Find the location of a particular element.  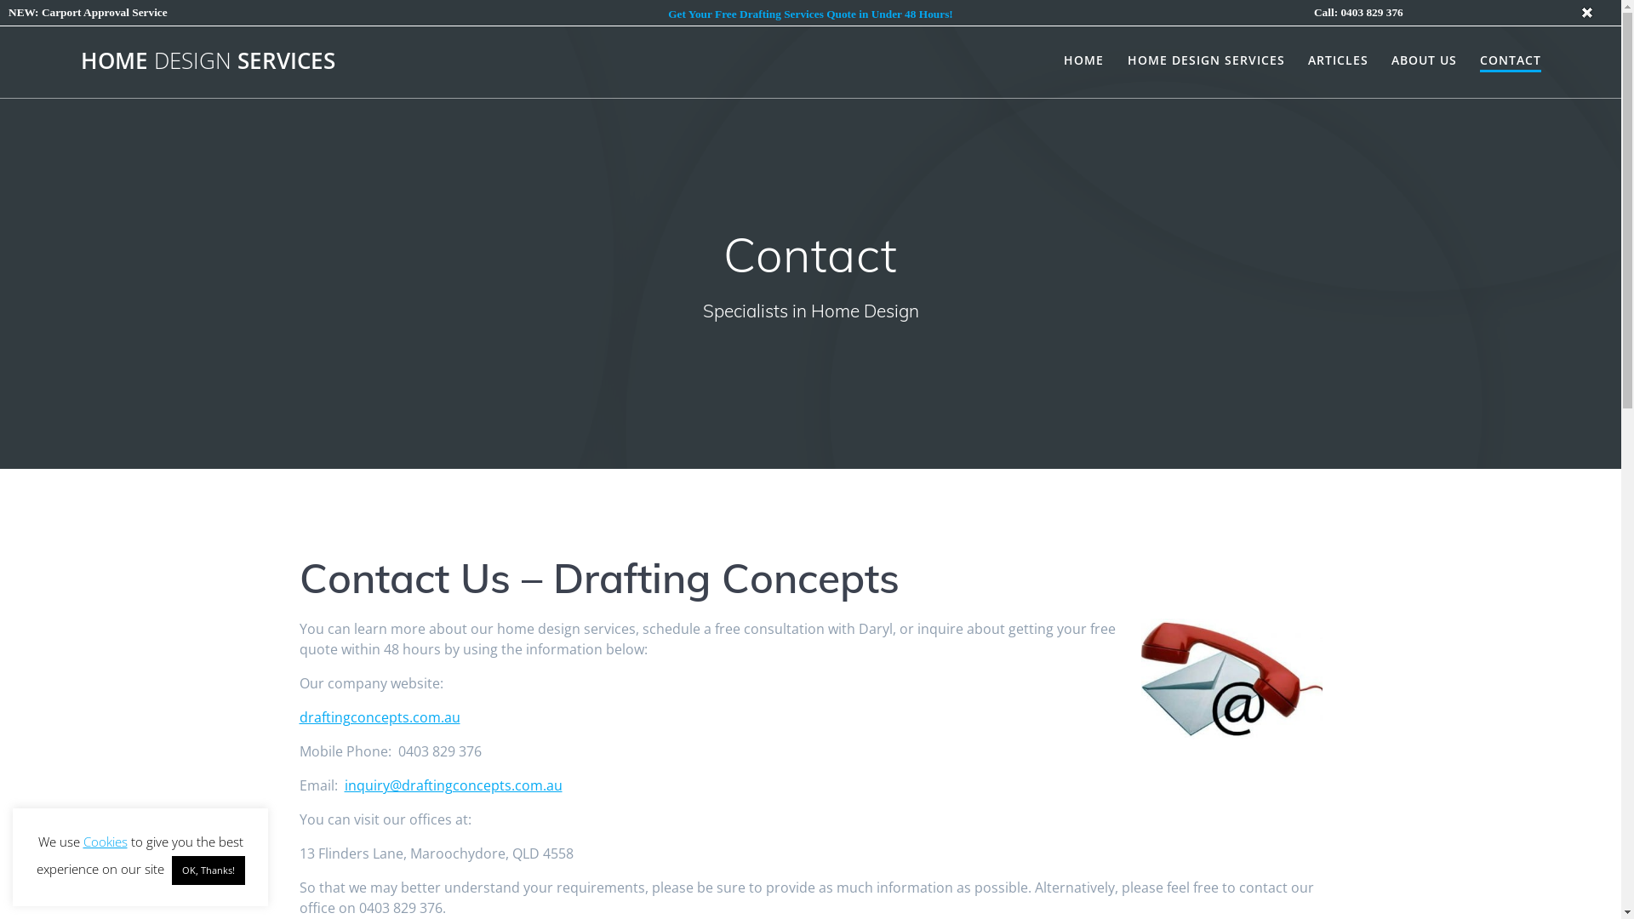

'Get Your Free Drafting Services Quote in Under 48 Hours!' is located at coordinates (809, 14).